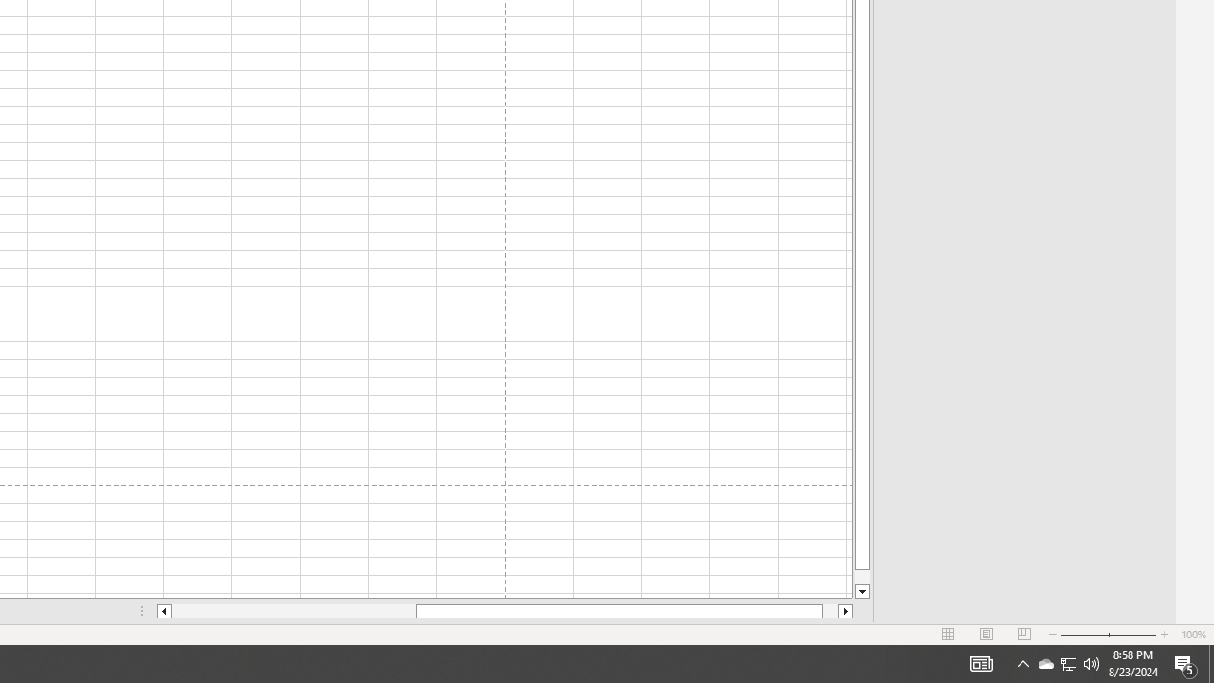 The height and width of the screenshot is (683, 1214). What do you see at coordinates (1022, 662) in the screenshot?
I see `'AutomationID: 4105'` at bounding box center [1022, 662].